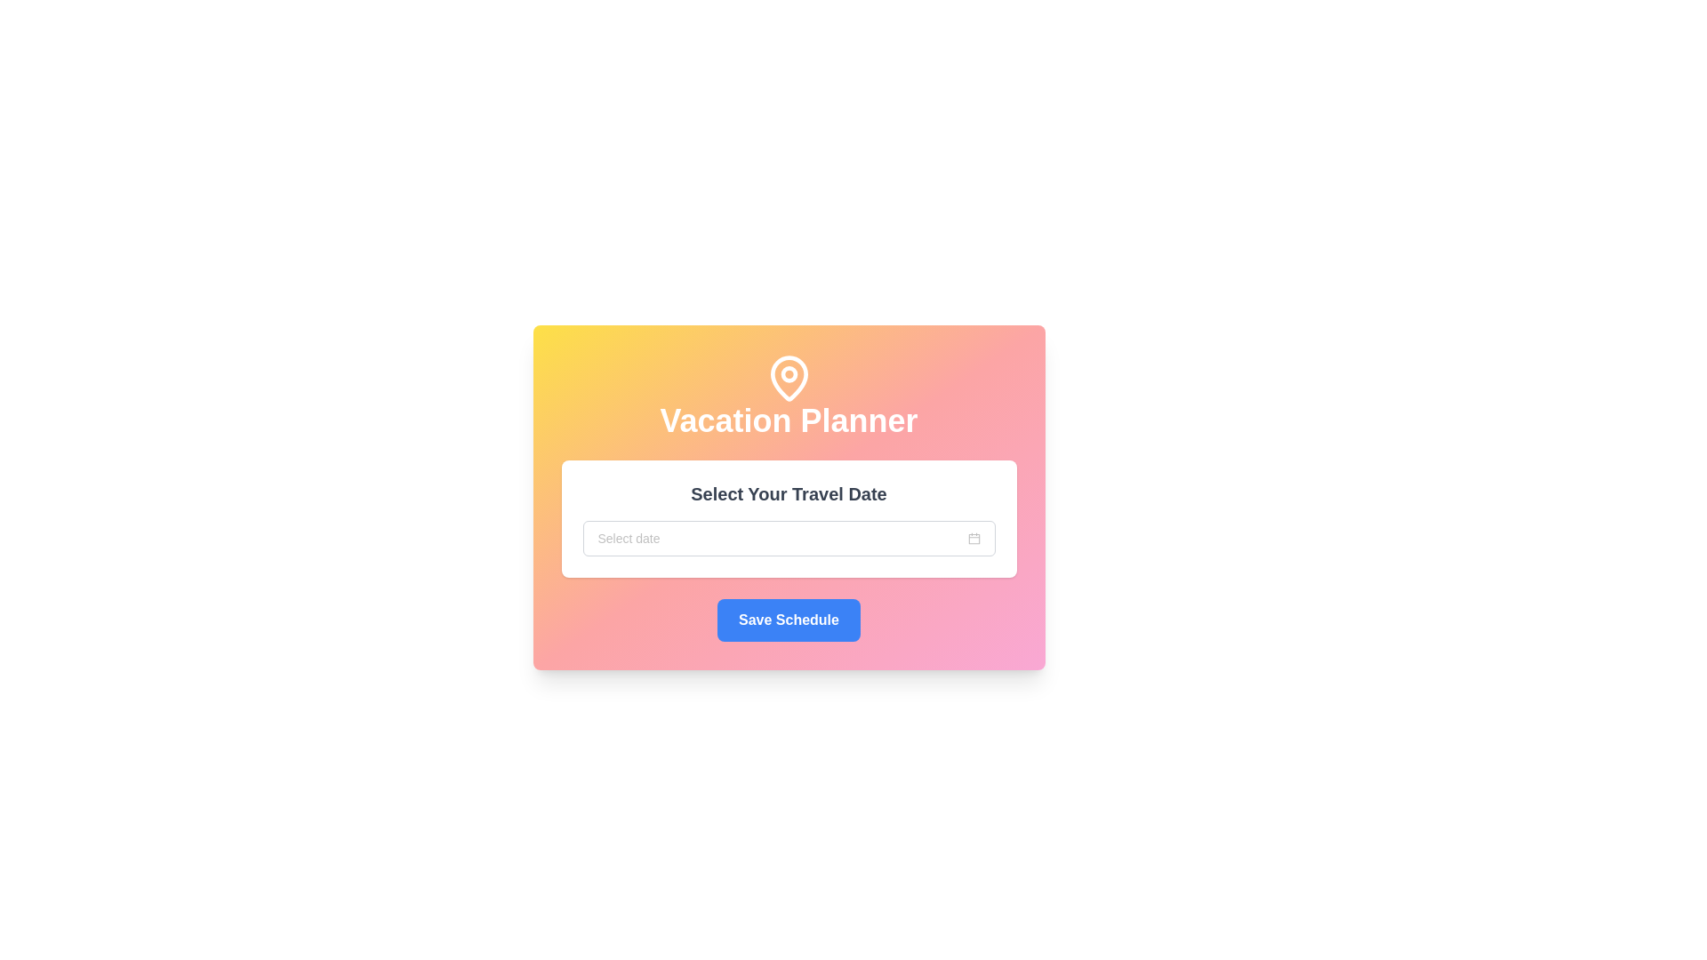 This screenshot has height=960, width=1707. What do you see at coordinates (973, 537) in the screenshot?
I see `the gray calendar icon located at the far right of the 'Select your Travel Date' input field` at bounding box center [973, 537].